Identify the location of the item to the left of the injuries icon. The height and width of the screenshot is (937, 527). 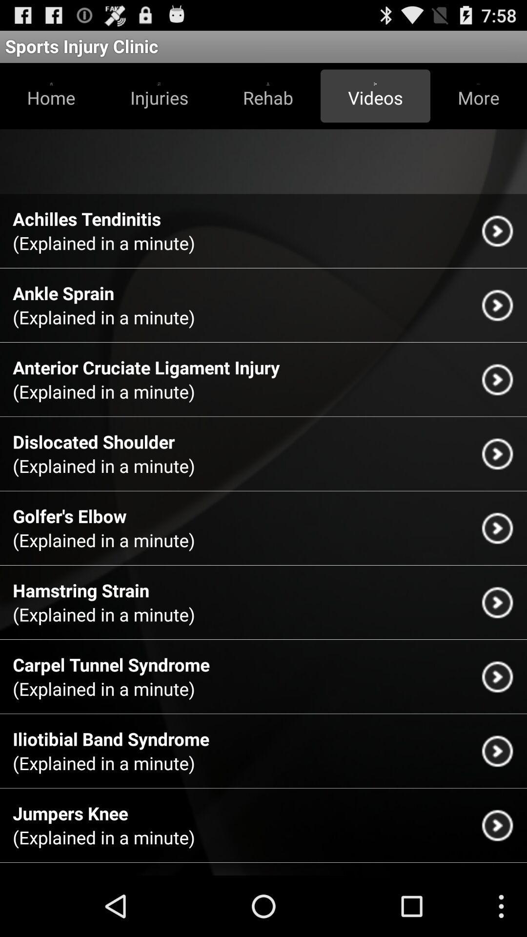
(51, 96).